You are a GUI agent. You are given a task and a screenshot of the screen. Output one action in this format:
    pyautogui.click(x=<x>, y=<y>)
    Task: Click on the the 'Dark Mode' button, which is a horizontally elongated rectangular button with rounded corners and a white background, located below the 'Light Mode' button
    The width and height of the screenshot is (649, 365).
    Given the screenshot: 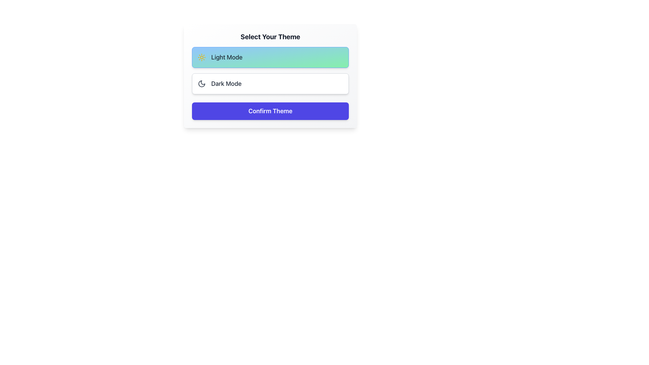 What is the action you would take?
    pyautogui.click(x=270, y=83)
    